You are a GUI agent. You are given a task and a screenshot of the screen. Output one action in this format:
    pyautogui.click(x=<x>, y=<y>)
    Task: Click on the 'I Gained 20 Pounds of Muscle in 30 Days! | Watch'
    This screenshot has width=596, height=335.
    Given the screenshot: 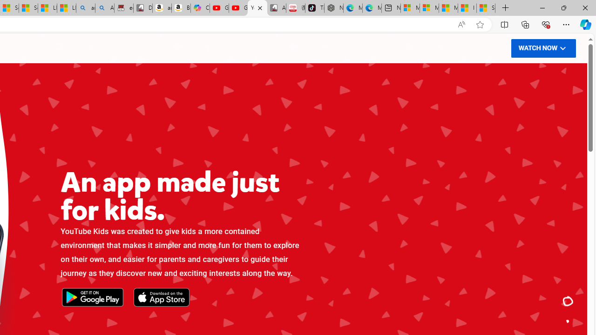 What is the action you would take?
    pyautogui.click(x=467, y=8)
    